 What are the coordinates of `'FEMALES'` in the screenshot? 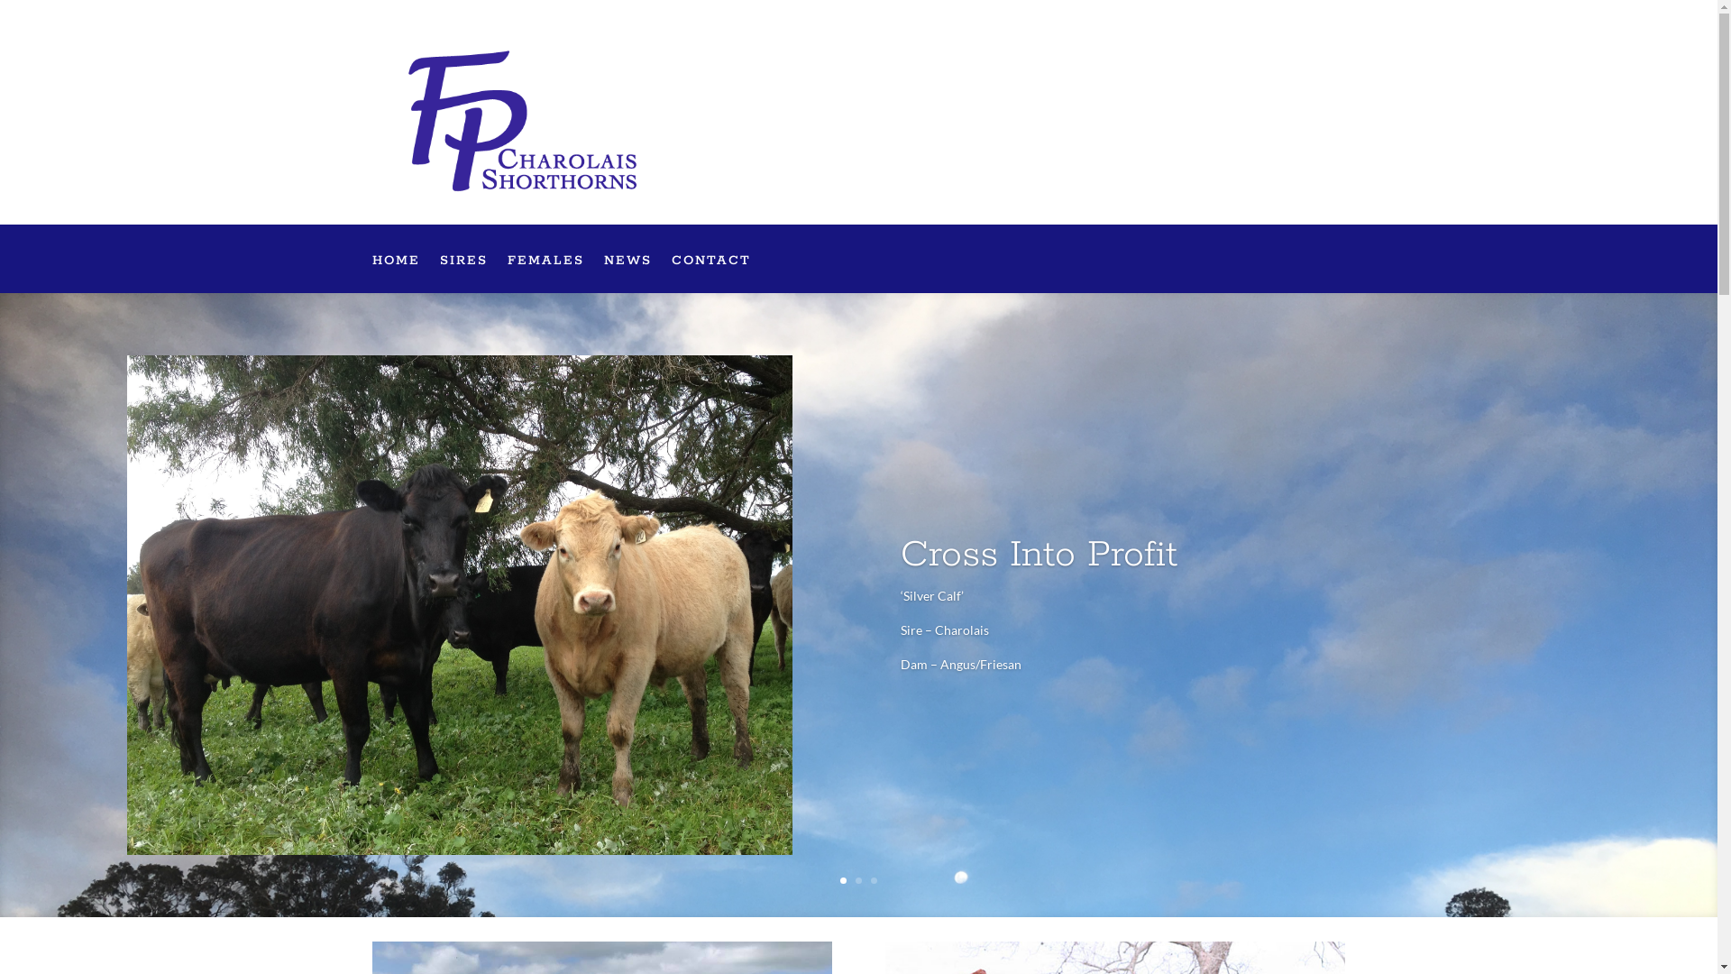 It's located at (505, 273).